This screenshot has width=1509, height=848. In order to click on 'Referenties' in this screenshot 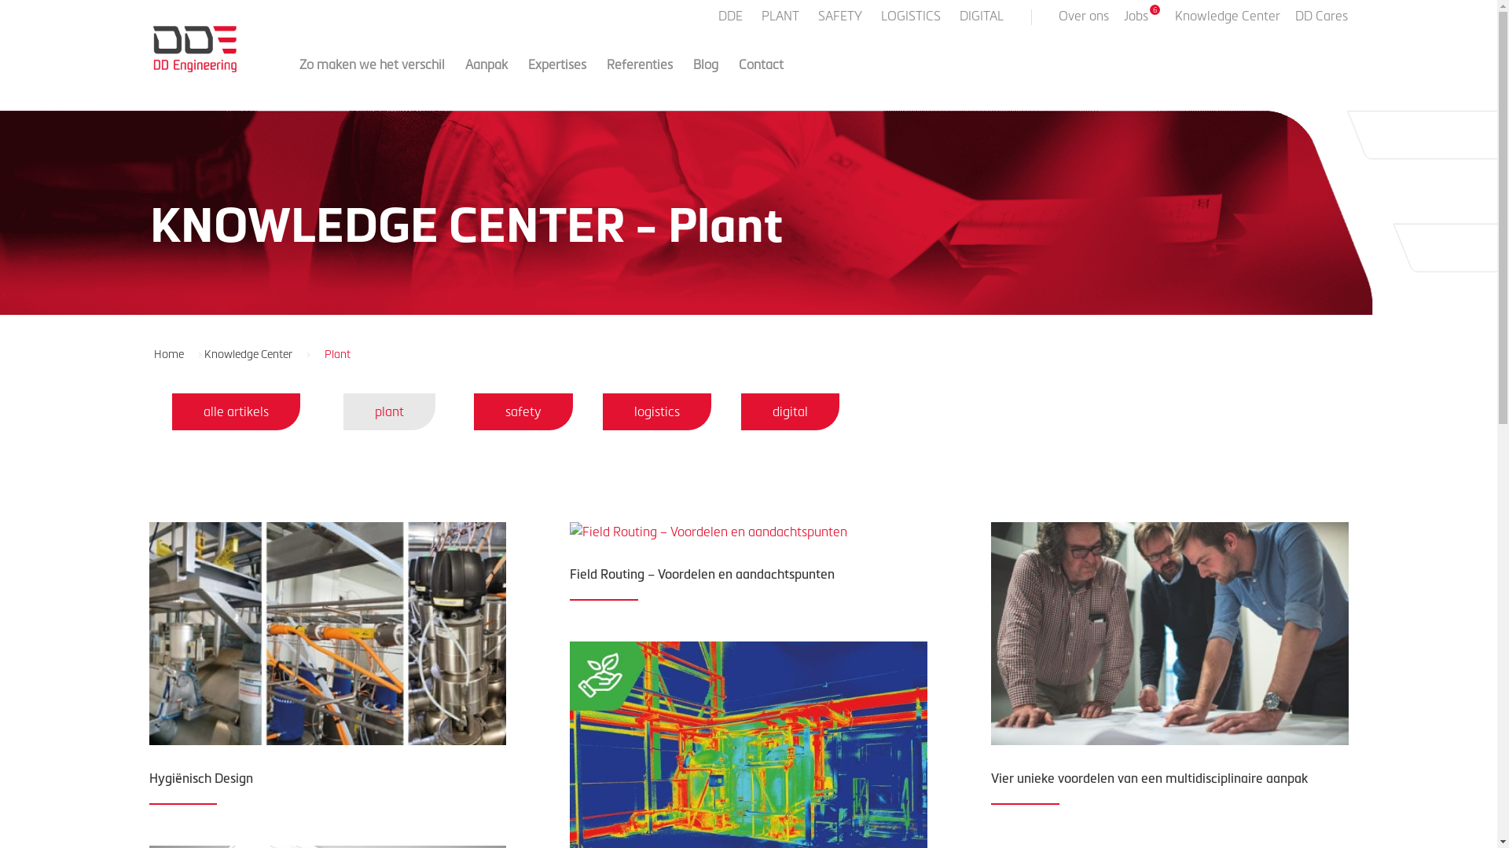, I will do `click(640, 78)`.